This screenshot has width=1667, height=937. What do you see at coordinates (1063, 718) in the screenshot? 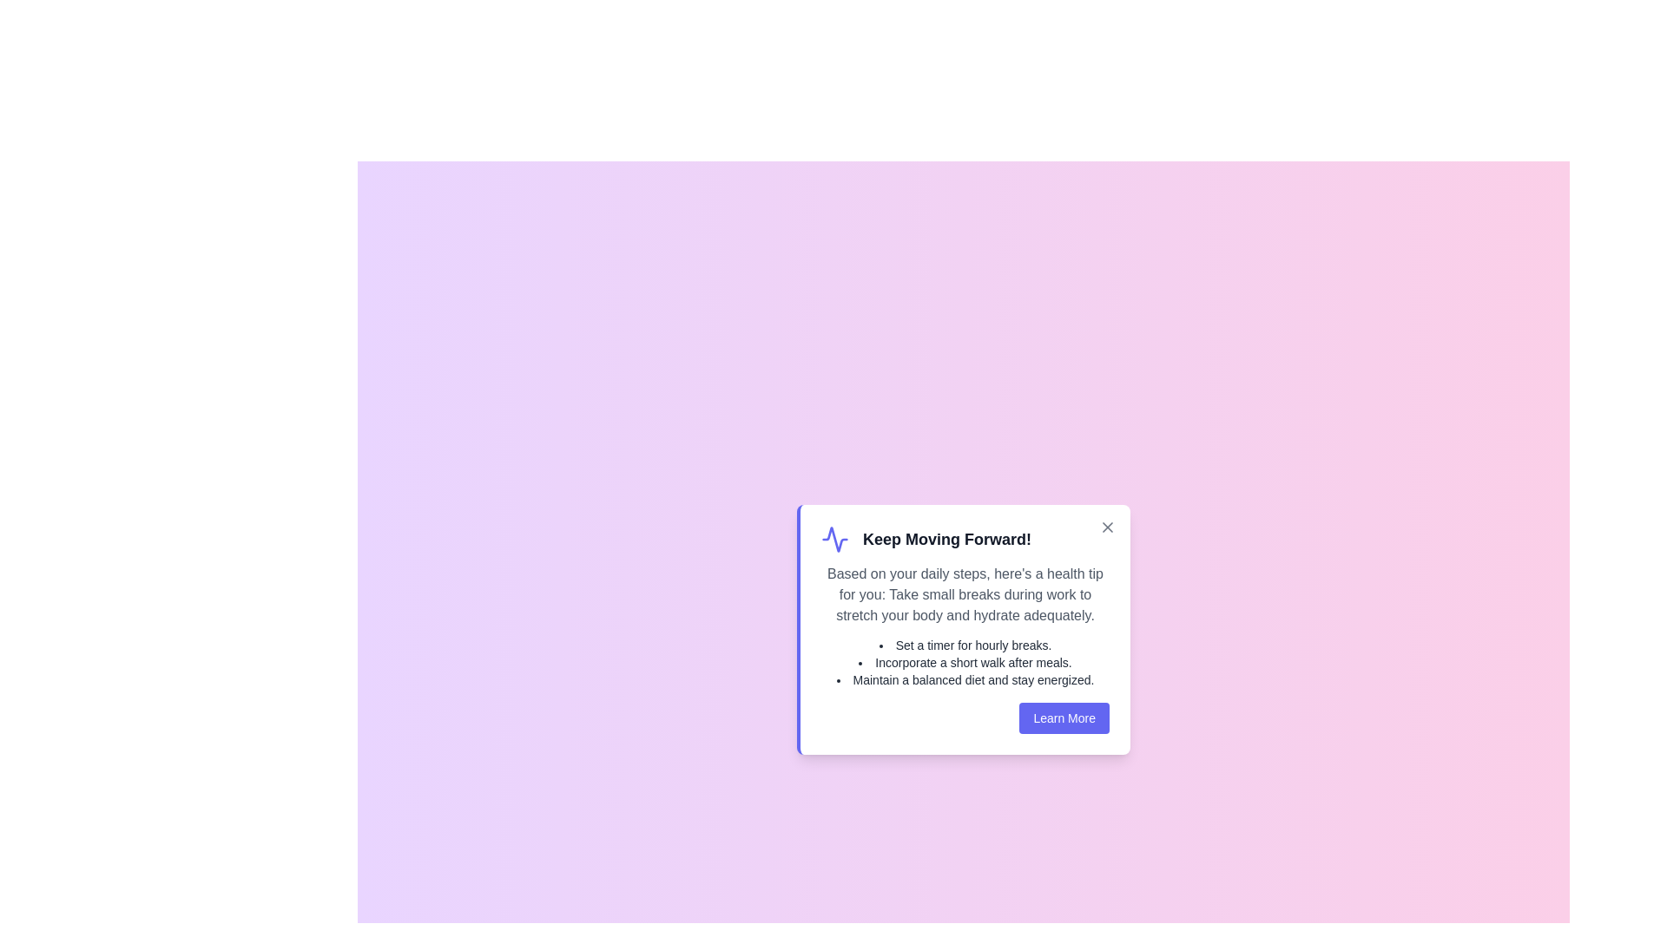
I see `'Learn More' button to explore additional information` at bounding box center [1063, 718].